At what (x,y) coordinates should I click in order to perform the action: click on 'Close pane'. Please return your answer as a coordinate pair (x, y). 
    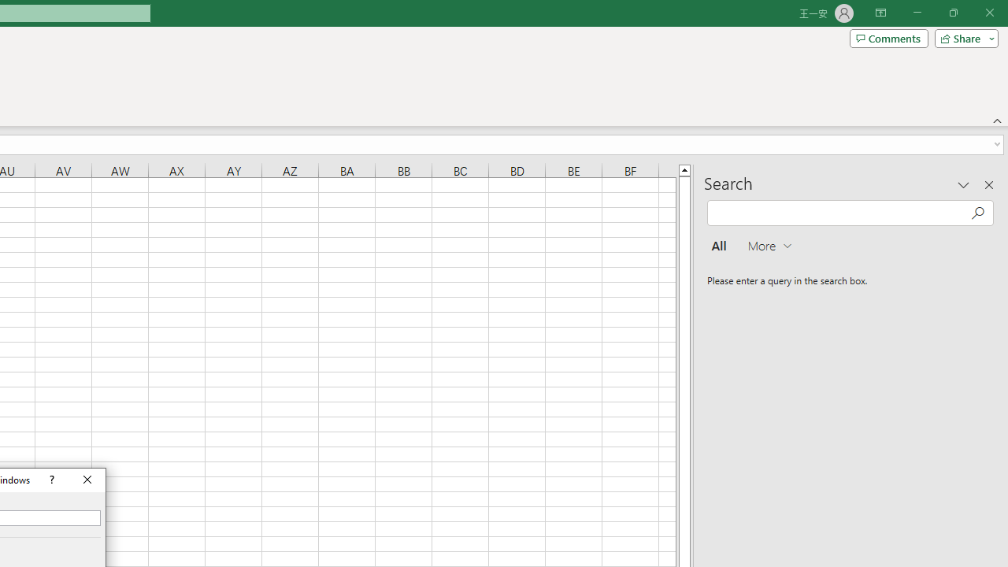
    Looking at the image, I should click on (988, 184).